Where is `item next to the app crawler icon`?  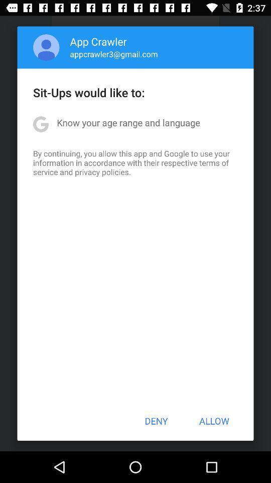
item next to the app crawler icon is located at coordinates (46, 47).